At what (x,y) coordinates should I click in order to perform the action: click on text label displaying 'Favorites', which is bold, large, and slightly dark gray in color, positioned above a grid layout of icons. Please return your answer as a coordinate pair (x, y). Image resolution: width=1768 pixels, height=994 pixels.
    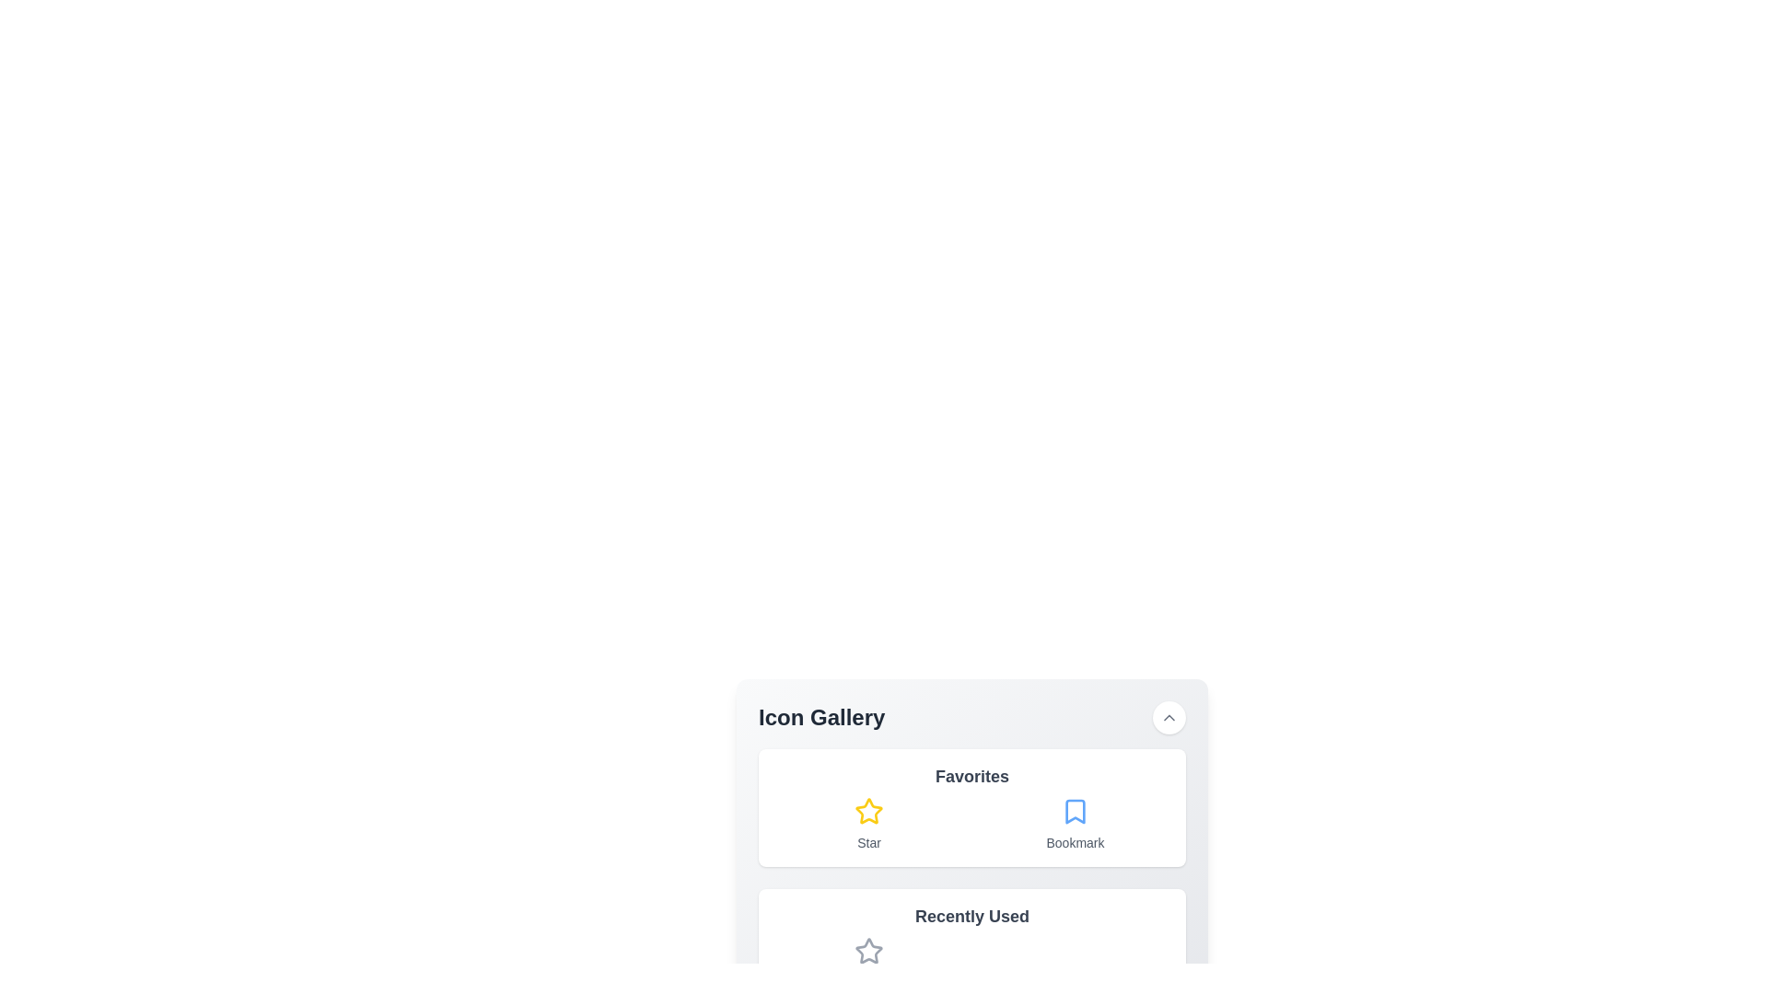
    Looking at the image, I should click on (971, 777).